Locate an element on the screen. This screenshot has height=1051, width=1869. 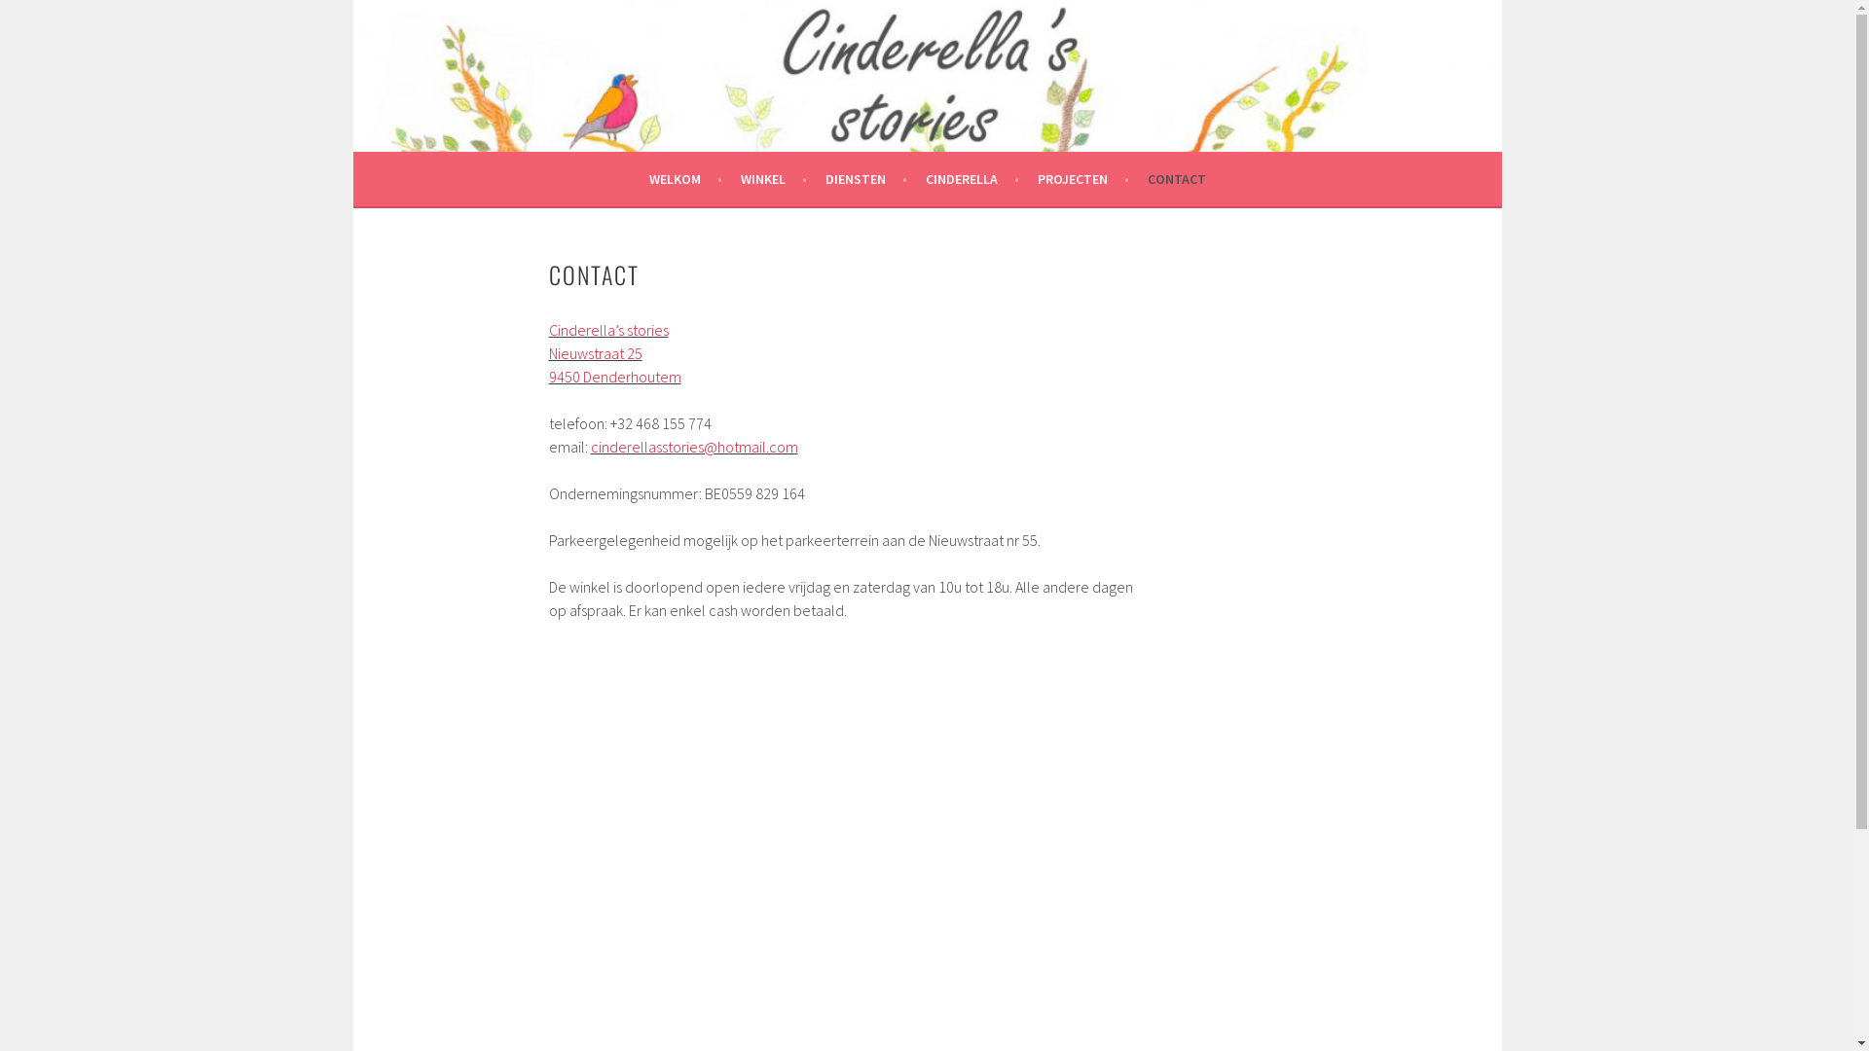
'PROJECTEN' is located at coordinates (1082, 179).